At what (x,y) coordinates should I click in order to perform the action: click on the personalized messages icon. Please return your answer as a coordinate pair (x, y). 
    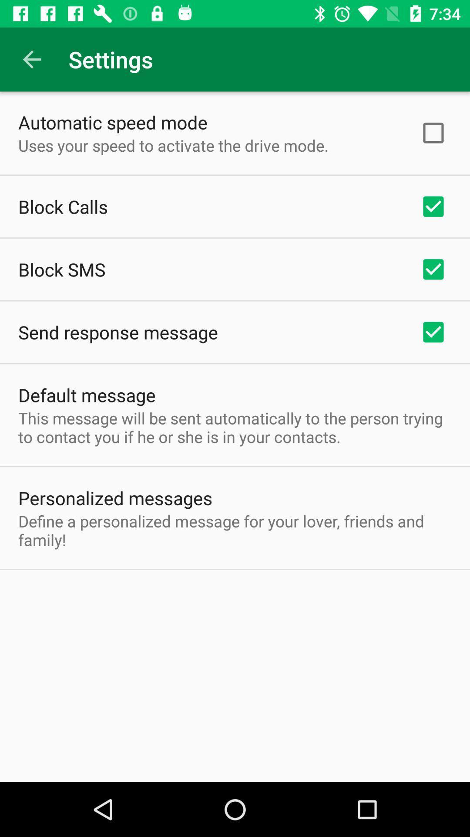
    Looking at the image, I should click on (115, 498).